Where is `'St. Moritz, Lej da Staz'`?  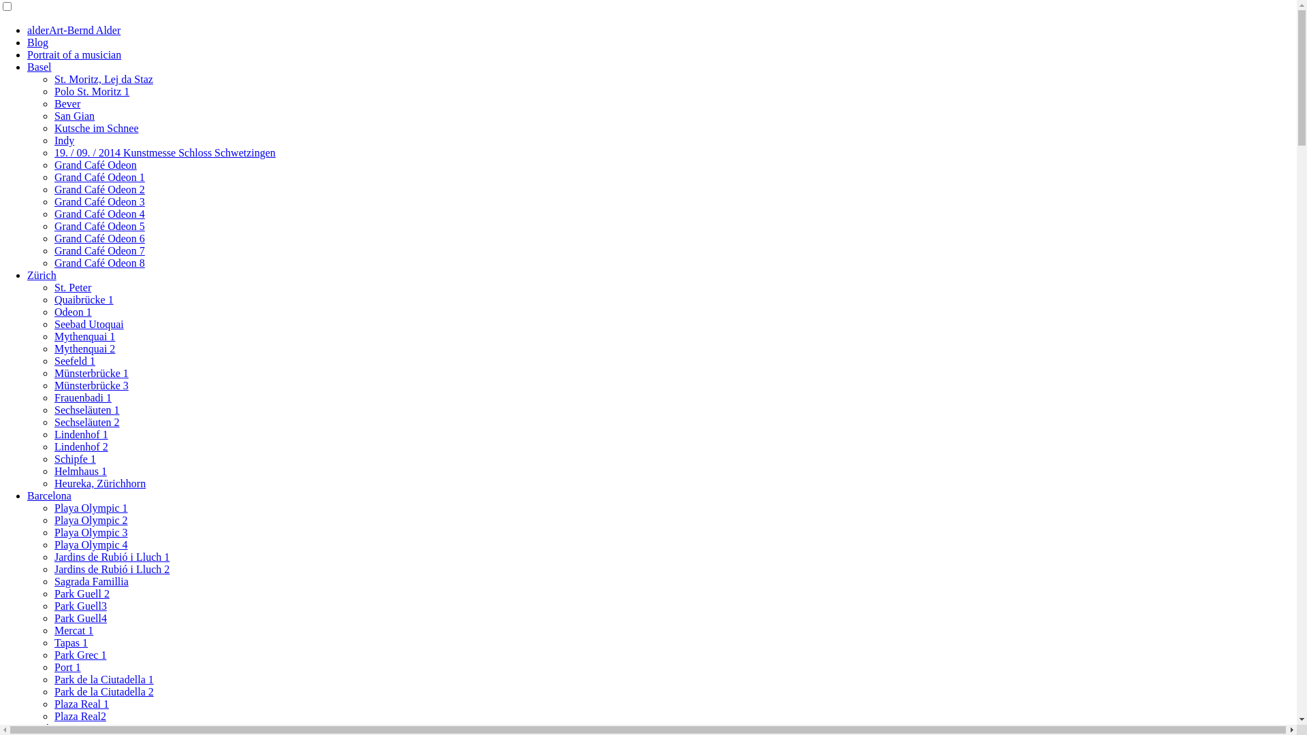
'St. Moritz, Lej da Staz' is located at coordinates (54, 79).